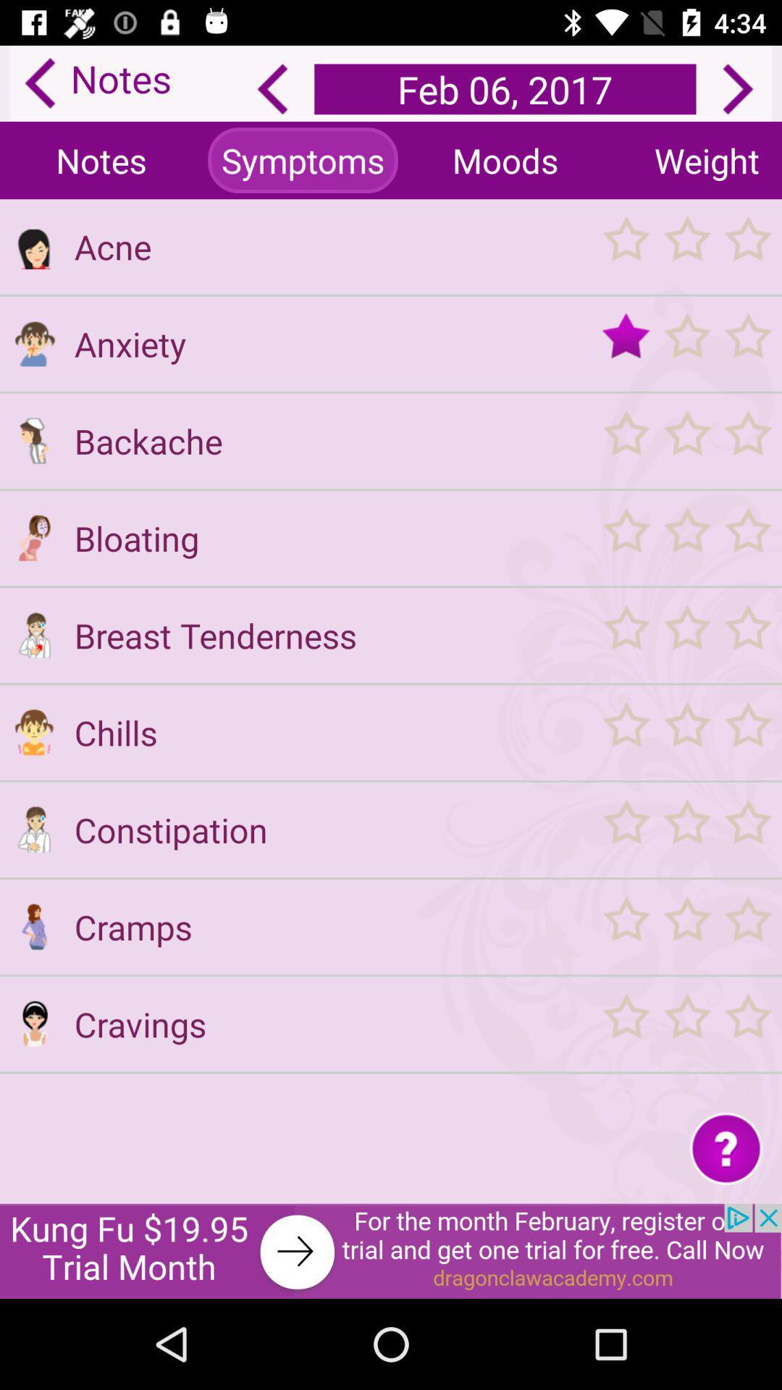 This screenshot has height=1390, width=782. Describe the element at coordinates (686, 732) in the screenshot. I see `menu button` at that location.